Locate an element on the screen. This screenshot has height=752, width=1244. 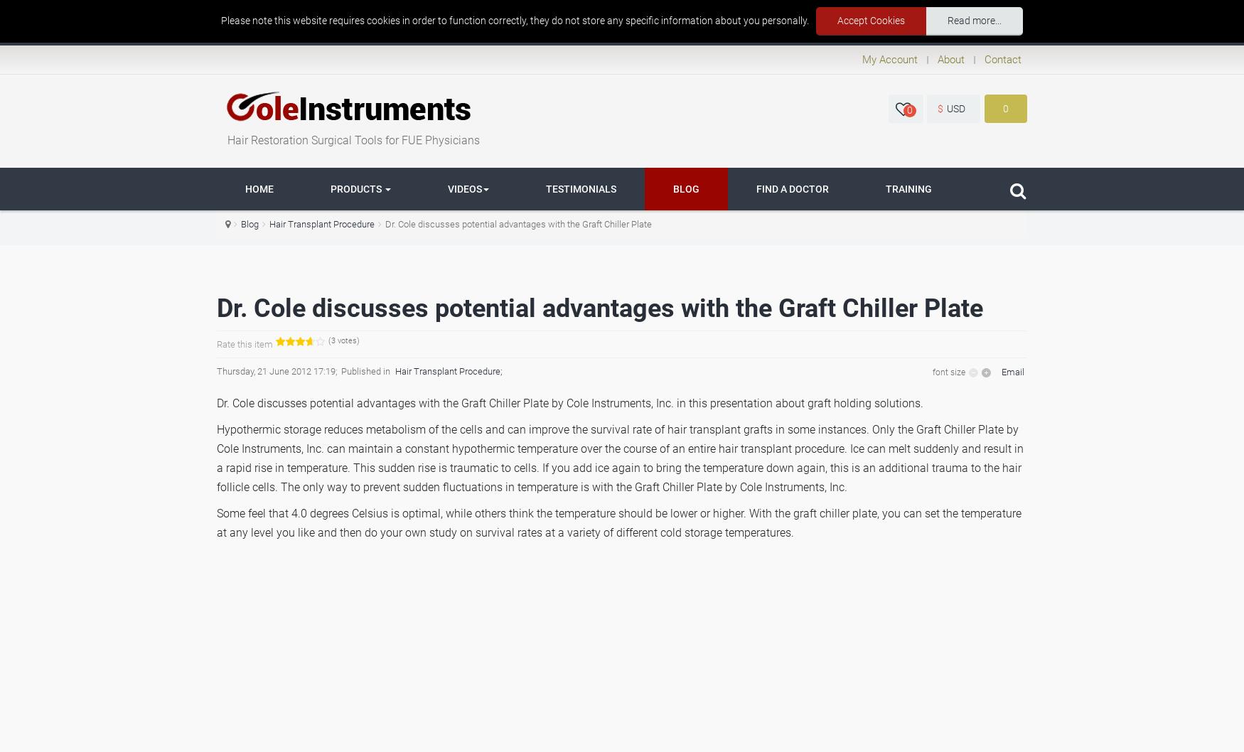
'Rate this item' is located at coordinates (245, 343).